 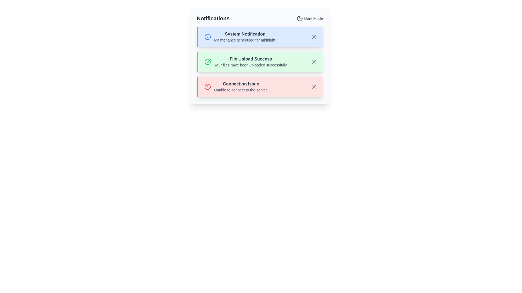 I want to click on the circular icon with a blue margin located in the top section of the notification box, to the left of the 'System Notification' text, so click(x=207, y=37).